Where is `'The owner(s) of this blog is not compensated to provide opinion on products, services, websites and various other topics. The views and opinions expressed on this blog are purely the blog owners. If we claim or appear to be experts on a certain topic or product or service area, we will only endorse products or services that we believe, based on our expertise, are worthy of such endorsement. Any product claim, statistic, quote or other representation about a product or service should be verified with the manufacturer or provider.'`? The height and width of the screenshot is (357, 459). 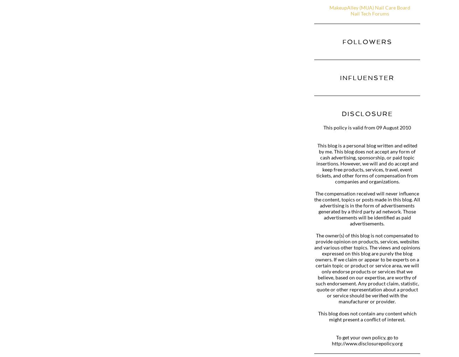 'The owner(s) of this blog is not compensated to provide opinion on products, services, websites and various other topics. The views and opinions expressed on this blog are purely the blog owners. If we claim or appear to be experts on a certain topic or product or service area, we will only endorse products or services that we believe, based on our expertise, are worthy of such endorsement. Any product claim, statistic, quote or other representation about a product or service should be verified with the manufacturer or provider.' is located at coordinates (367, 268).